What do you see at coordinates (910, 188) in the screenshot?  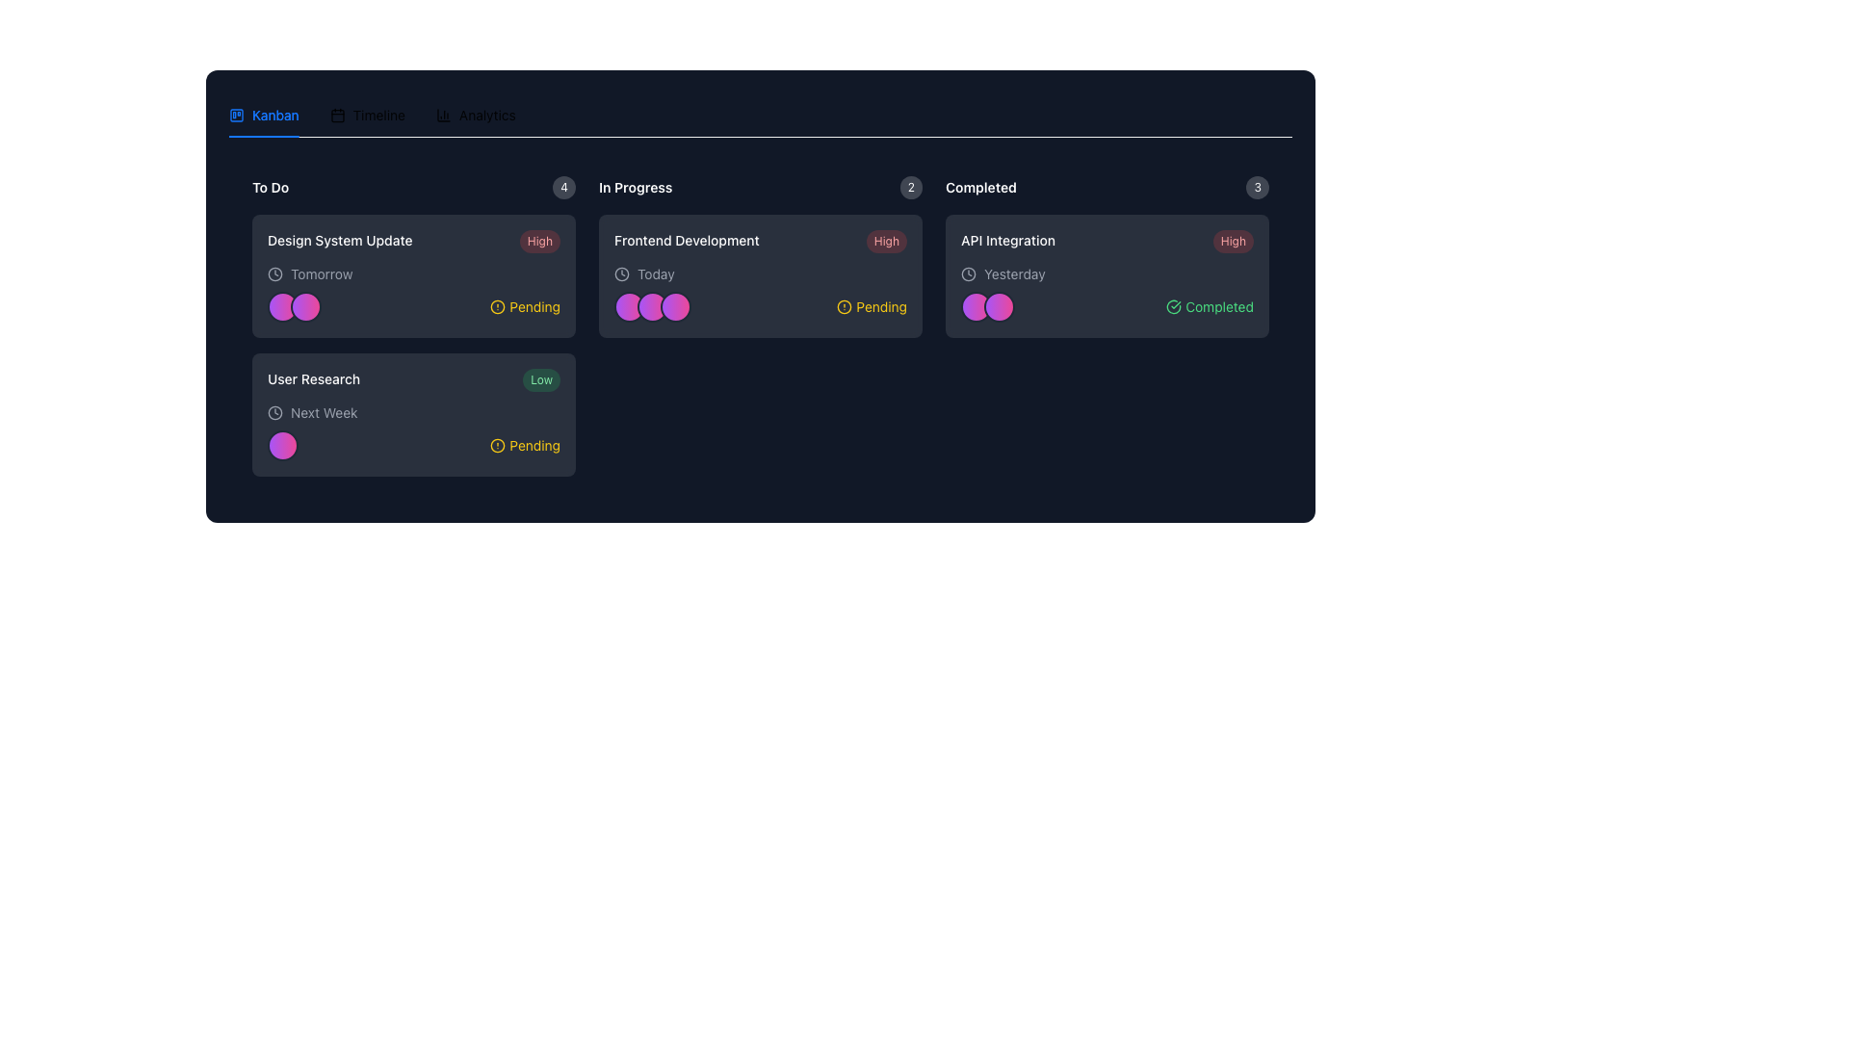 I see `the informational badge with a centered number '2', located to the right of the text 'In Progress'` at bounding box center [910, 188].